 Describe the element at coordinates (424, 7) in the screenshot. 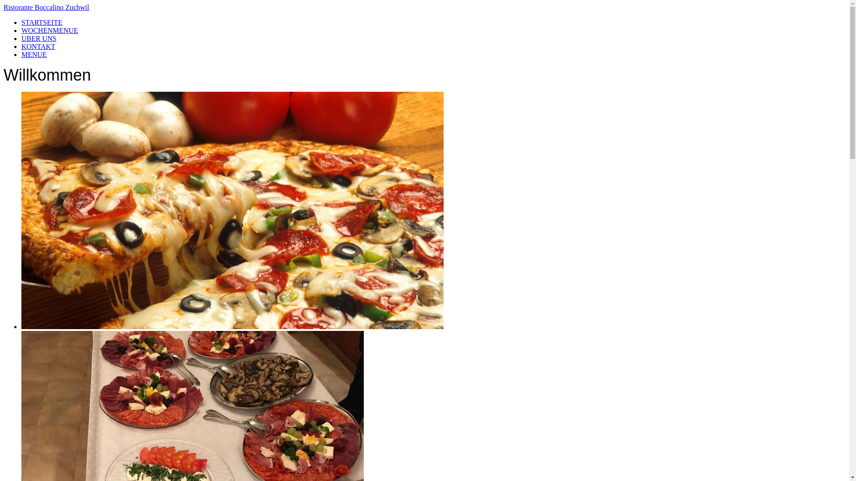

I see `'Ristorante Boccalino Zuchwil'` at that location.